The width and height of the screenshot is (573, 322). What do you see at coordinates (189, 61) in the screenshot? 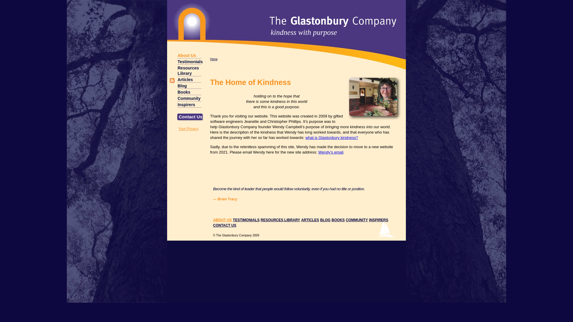
I see `'Testimonials'` at bounding box center [189, 61].